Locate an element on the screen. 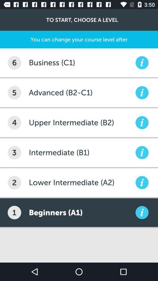 The height and width of the screenshot is (281, 158). the icon to the left of the advanced (b2-c1) is located at coordinates (14, 92).